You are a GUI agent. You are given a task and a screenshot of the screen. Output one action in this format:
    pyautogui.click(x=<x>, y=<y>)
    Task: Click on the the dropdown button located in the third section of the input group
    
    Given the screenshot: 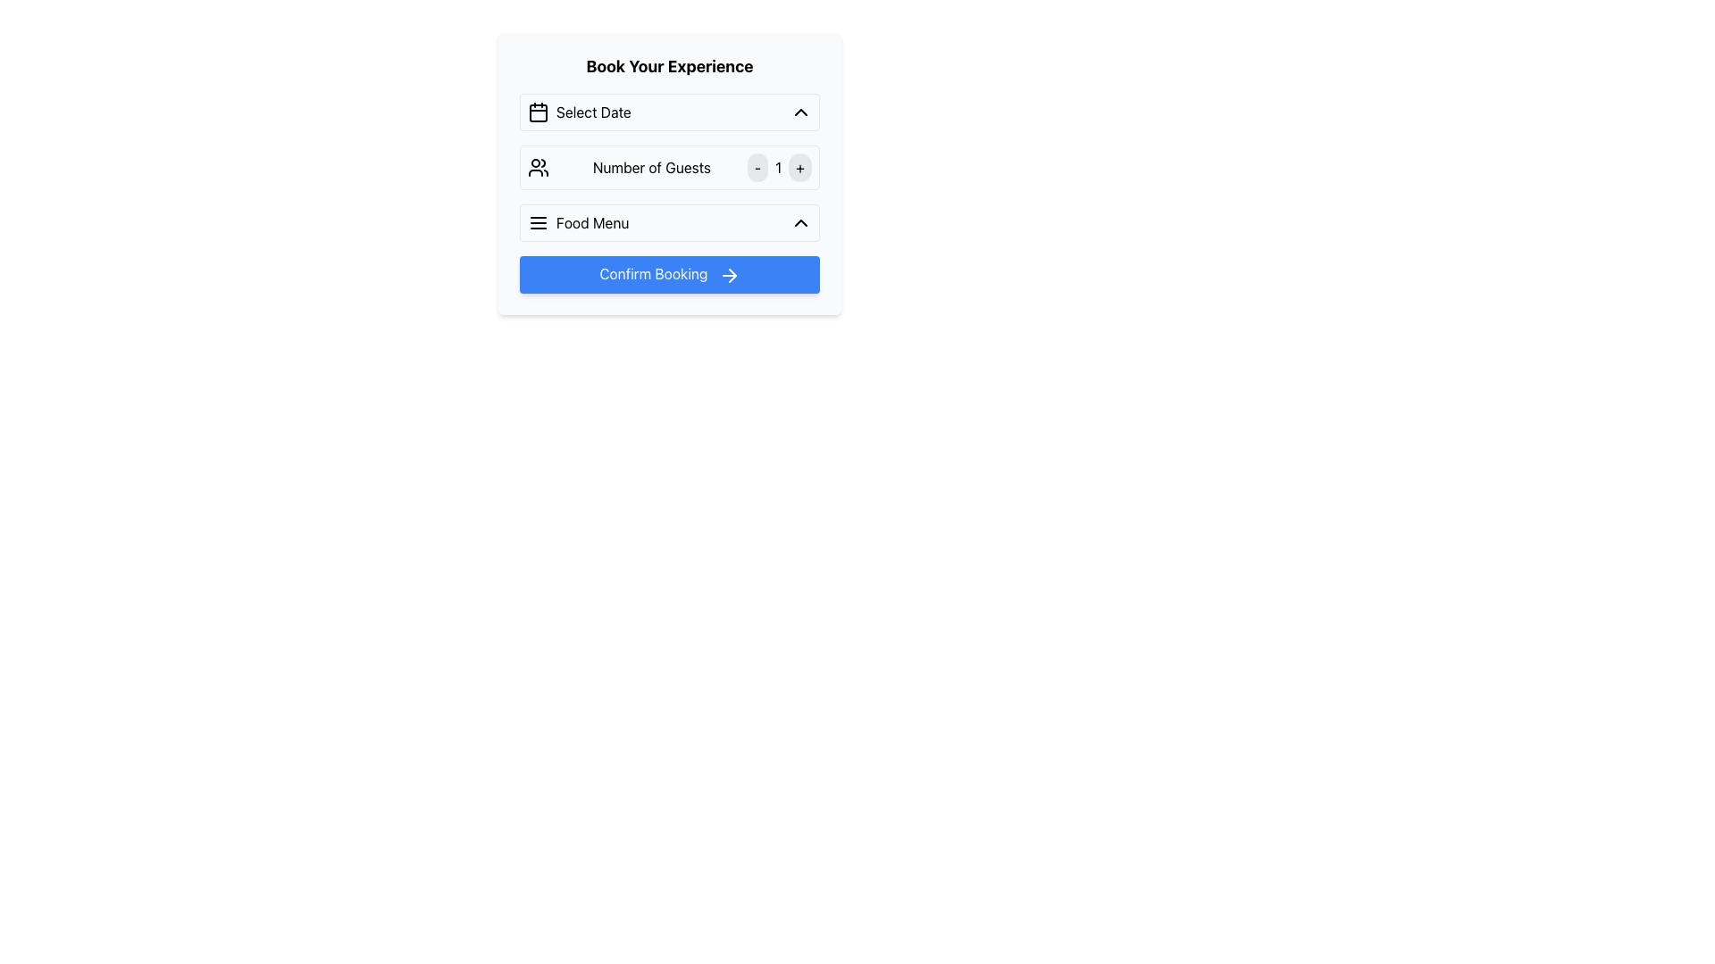 What is the action you would take?
    pyautogui.click(x=668, y=222)
    